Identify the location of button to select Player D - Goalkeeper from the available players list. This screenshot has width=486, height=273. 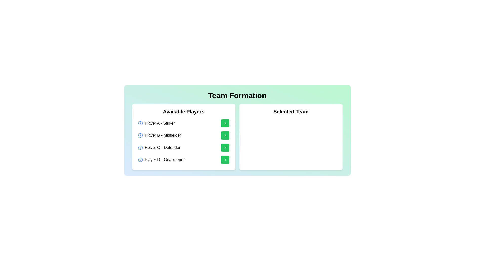
(225, 160).